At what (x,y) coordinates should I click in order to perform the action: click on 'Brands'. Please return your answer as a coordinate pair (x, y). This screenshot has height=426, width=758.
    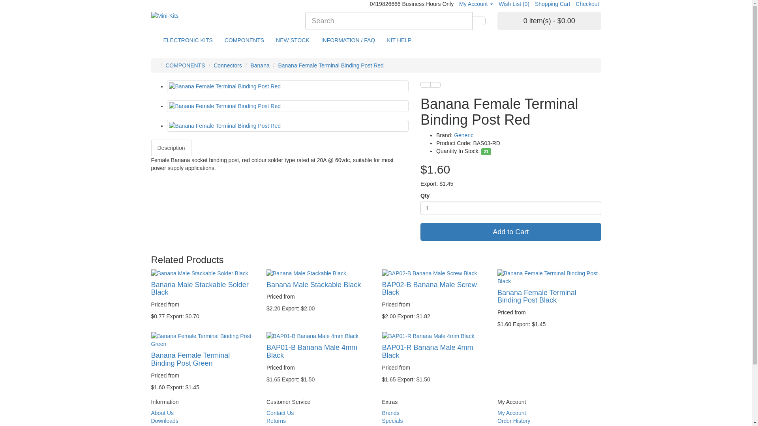
    Looking at the image, I should click on (382, 412).